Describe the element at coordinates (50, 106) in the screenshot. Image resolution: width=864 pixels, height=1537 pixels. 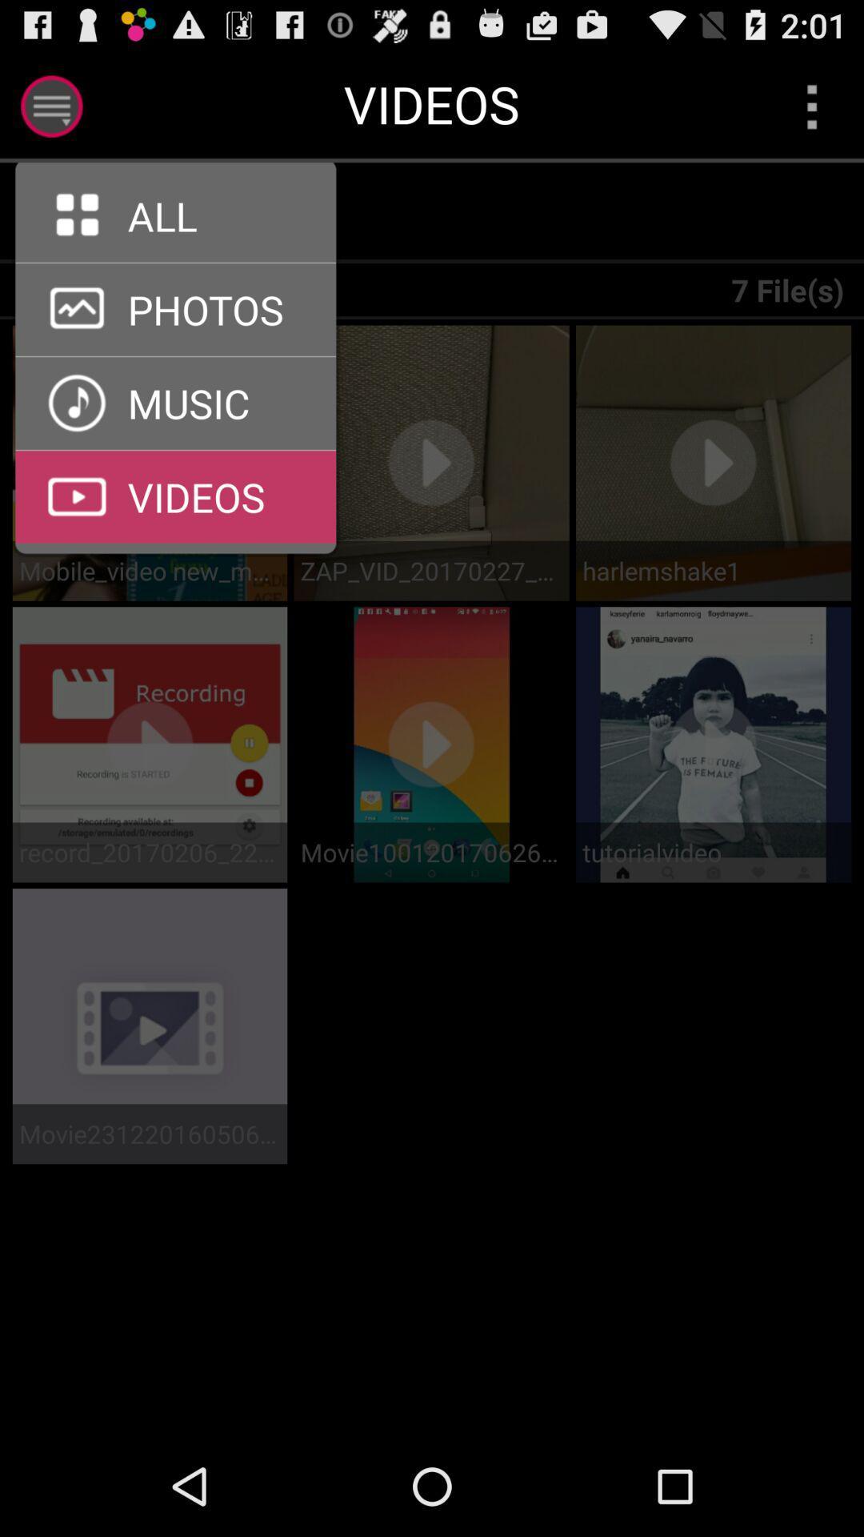
I see `the option` at that location.